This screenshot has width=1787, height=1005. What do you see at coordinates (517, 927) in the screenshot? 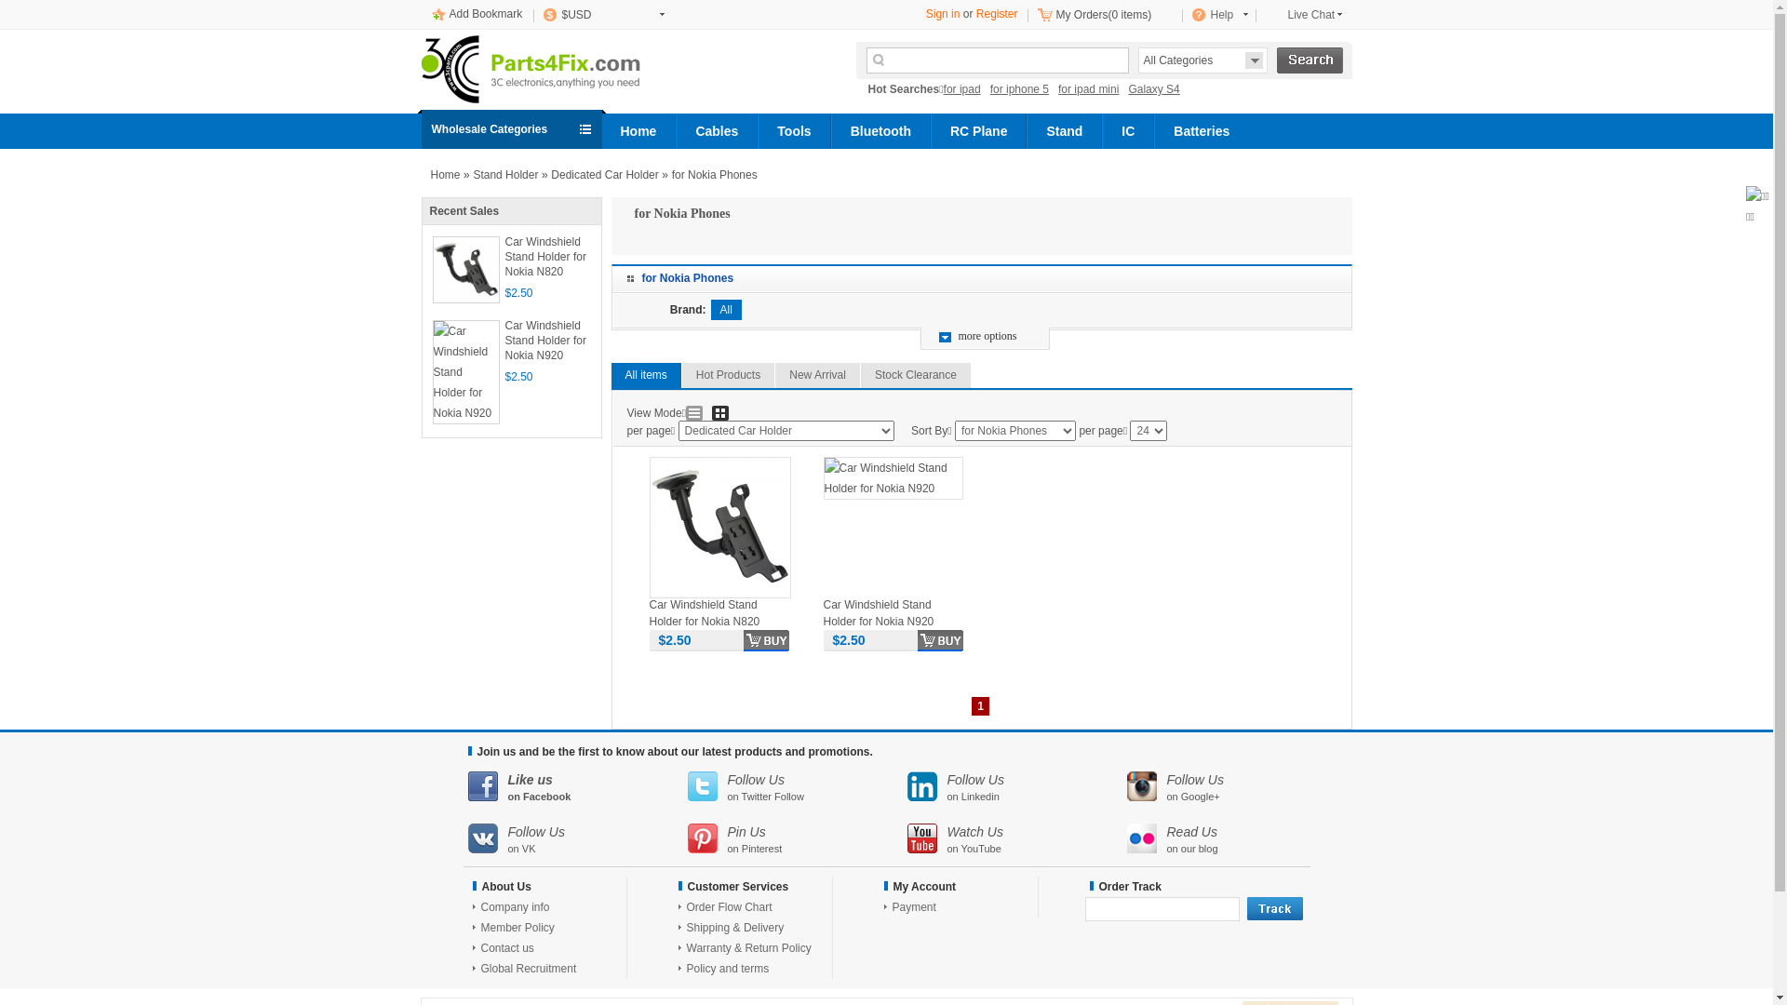
I see `'Member Policy'` at bounding box center [517, 927].